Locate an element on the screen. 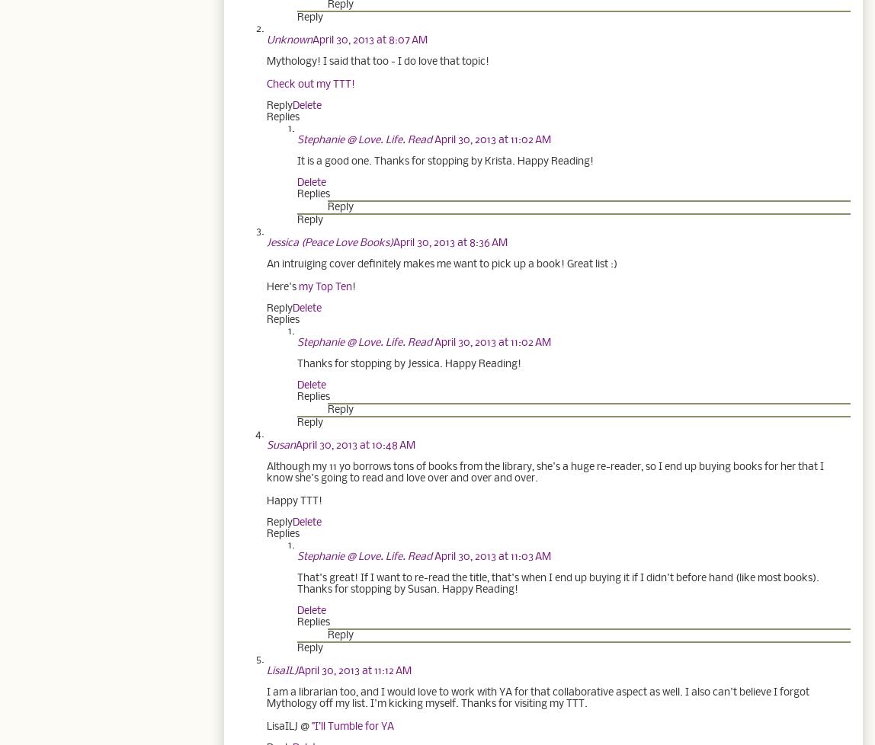  'It is a good one. Thanks for stopping by Krista. Happy Reading!' is located at coordinates (445, 161).